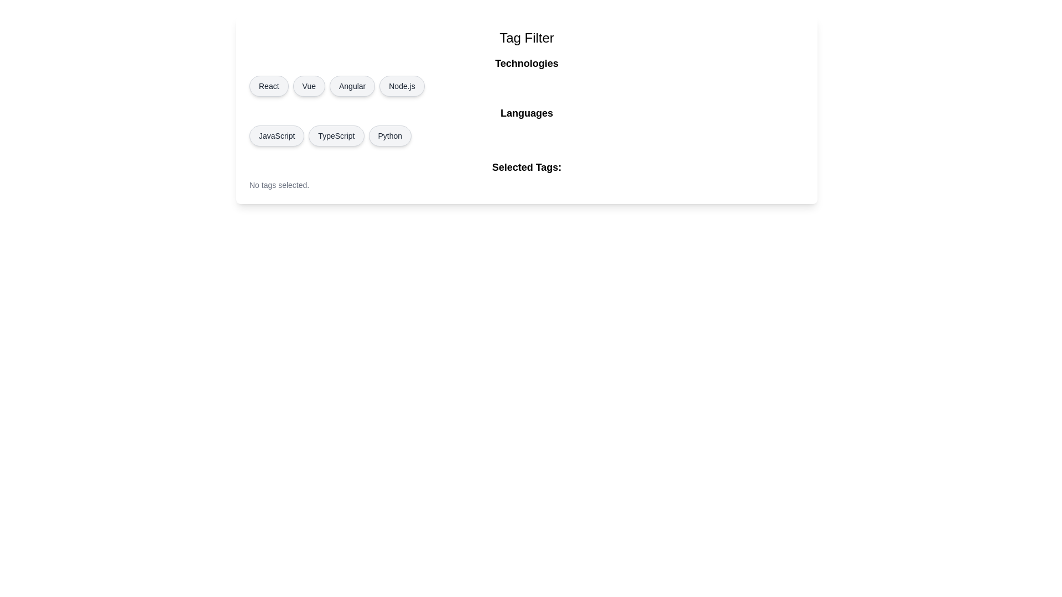 The image size is (1062, 597). Describe the element at coordinates (309, 85) in the screenshot. I see `the rounded pill-shaped button labeled 'Vue' with a light gray background` at that location.